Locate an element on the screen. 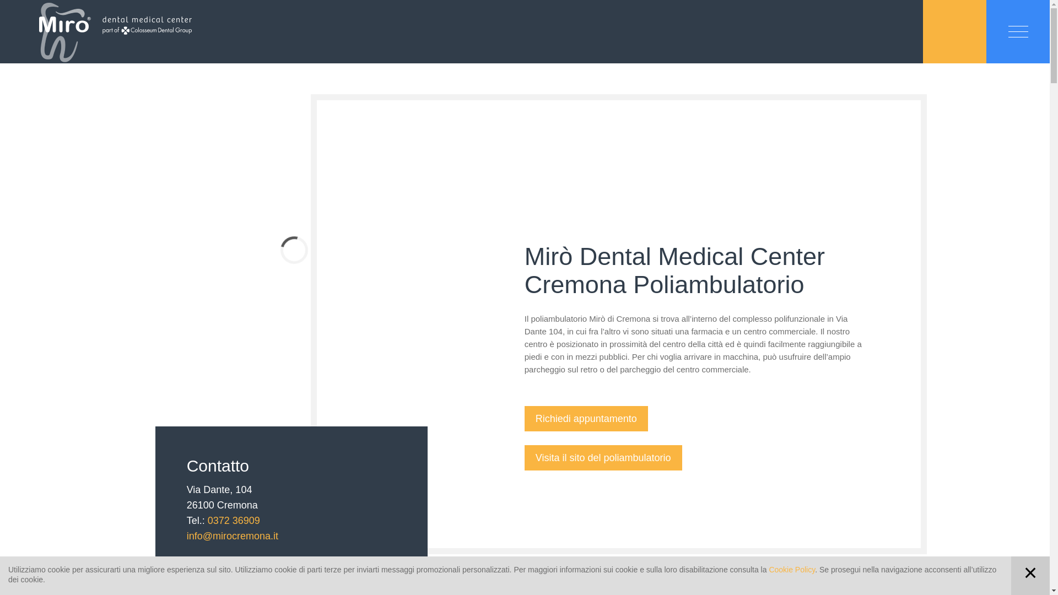  '0372 36909' is located at coordinates (233, 521).